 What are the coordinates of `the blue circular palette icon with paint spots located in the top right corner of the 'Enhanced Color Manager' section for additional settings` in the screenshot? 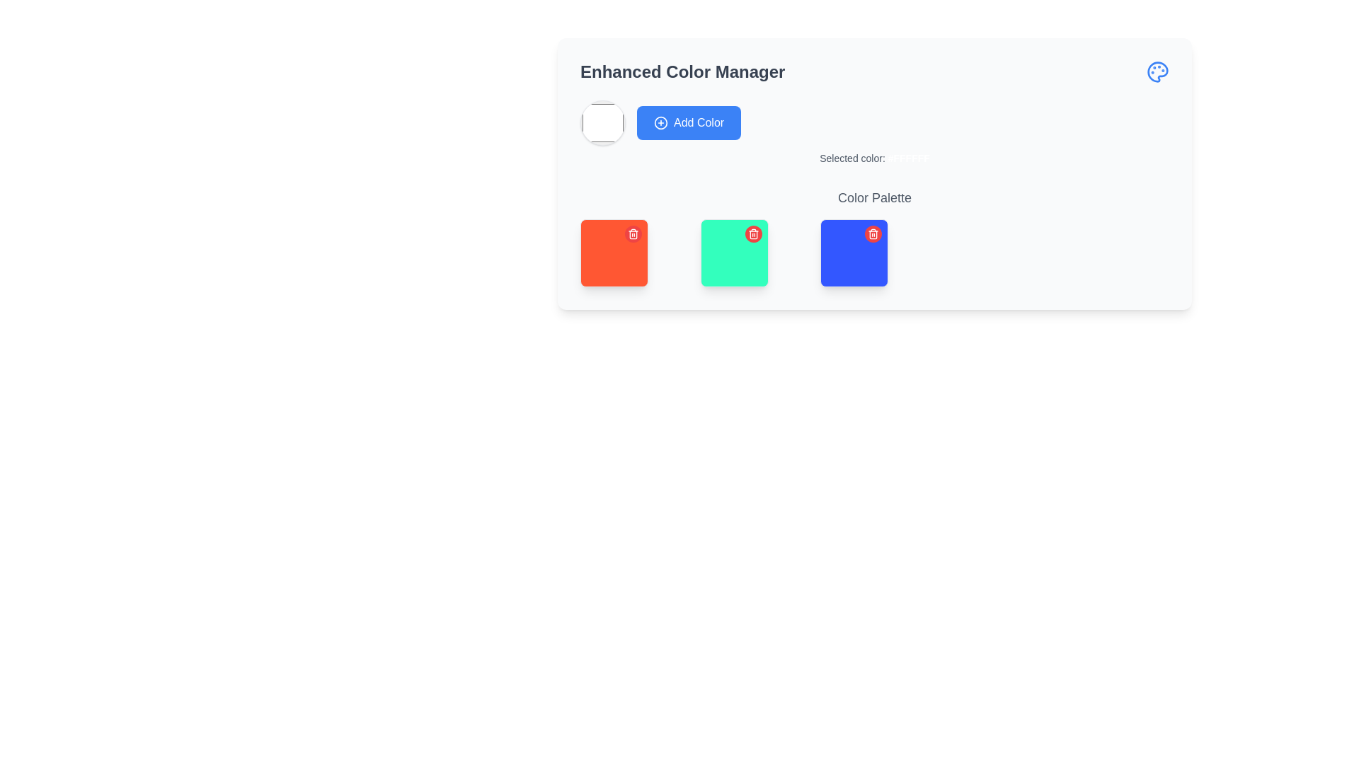 It's located at (1158, 71).